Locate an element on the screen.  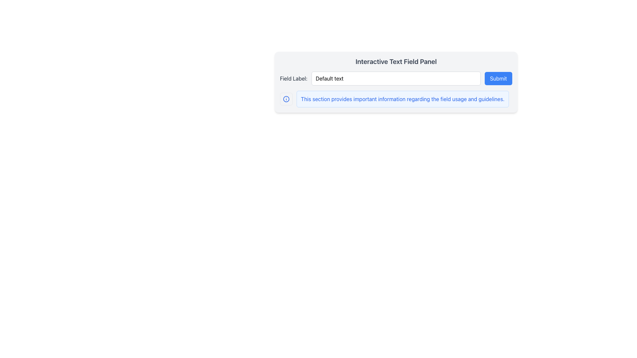
the information icon, which is styled as a circular outline with an 'i' symbol, located near the bottom-left of a rectangular panel is located at coordinates (286, 99).